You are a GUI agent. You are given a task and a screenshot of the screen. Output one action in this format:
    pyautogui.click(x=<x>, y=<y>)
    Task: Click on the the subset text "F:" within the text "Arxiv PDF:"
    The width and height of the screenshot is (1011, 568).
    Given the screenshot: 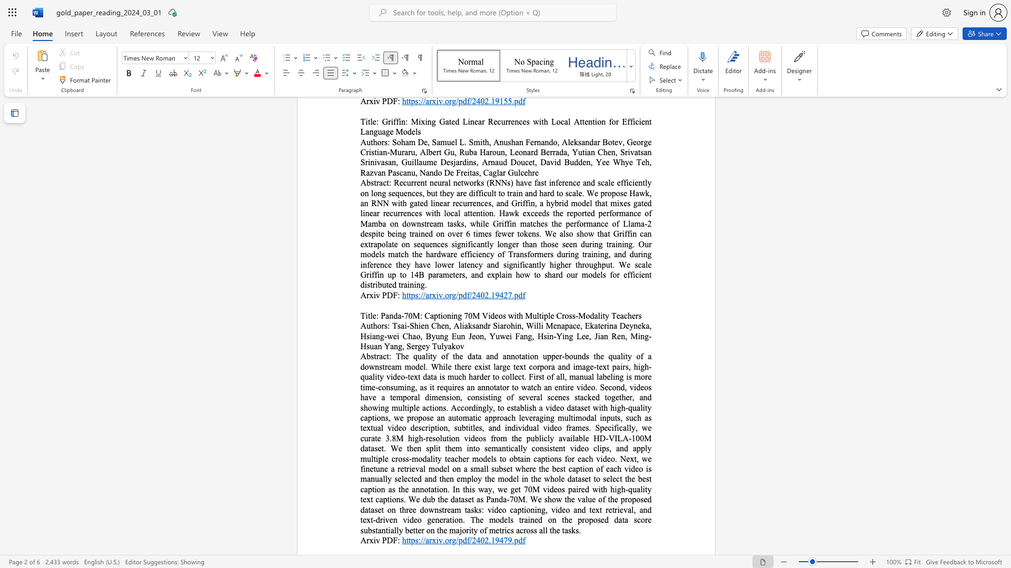 What is the action you would take?
    pyautogui.click(x=392, y=540)
    